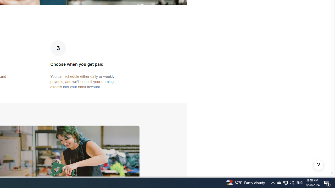 Image resolution: width=335 pixels, height=188 pixels. What do you see at coordinates (318, 165) in the screenshot?
I see `'Help, opens dialogs'` at bounding box center [318, 165].